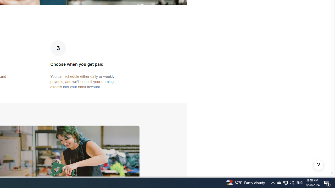 Image resolution: width=335 pixels, height=188 pixels. What do you see at coordinates (318, 165) in the screenshot?
I see `'Help, opens dialogs'` at bounding box center [318, 165].